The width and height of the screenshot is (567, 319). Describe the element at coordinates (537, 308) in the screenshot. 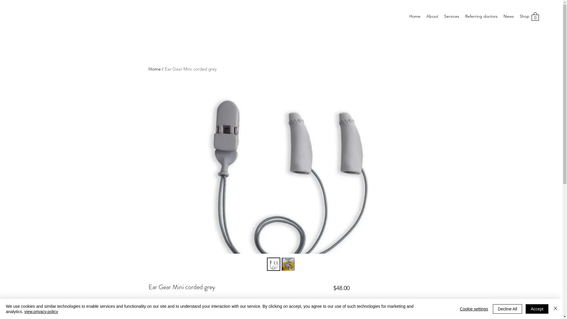

I see `'Accept'` at that location.